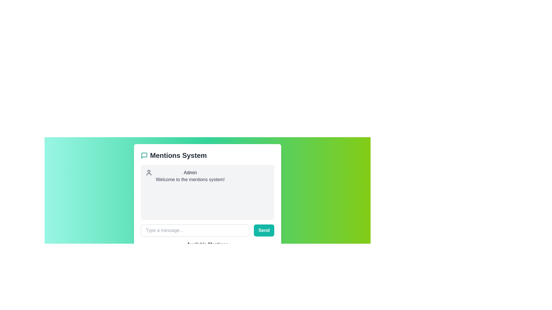 This screenshot has width=552, height=310. I want to click on the speech bubble icon located next to the 'Mentions System' title at the top of the interface, so click(144, 156).